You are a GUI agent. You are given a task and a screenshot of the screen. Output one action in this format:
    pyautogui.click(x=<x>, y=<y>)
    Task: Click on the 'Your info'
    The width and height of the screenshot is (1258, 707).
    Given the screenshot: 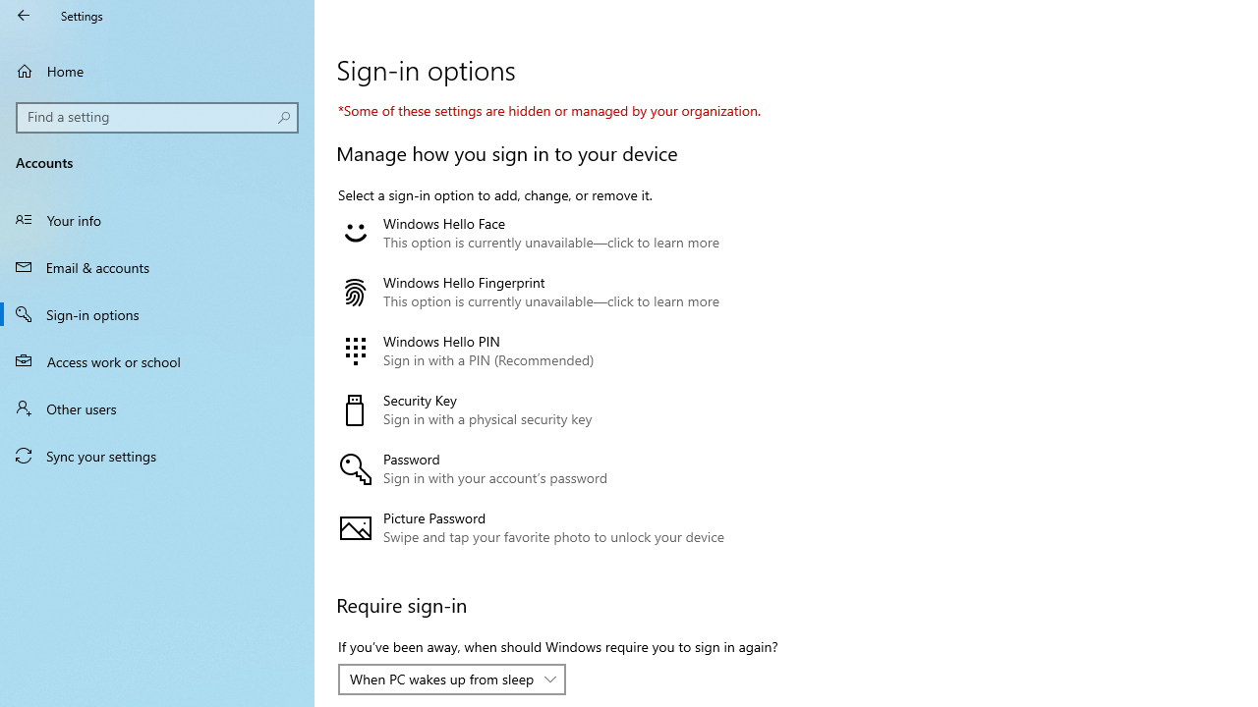 What is the action you would take?
    pyautogui.click(x=157, y=219)
    